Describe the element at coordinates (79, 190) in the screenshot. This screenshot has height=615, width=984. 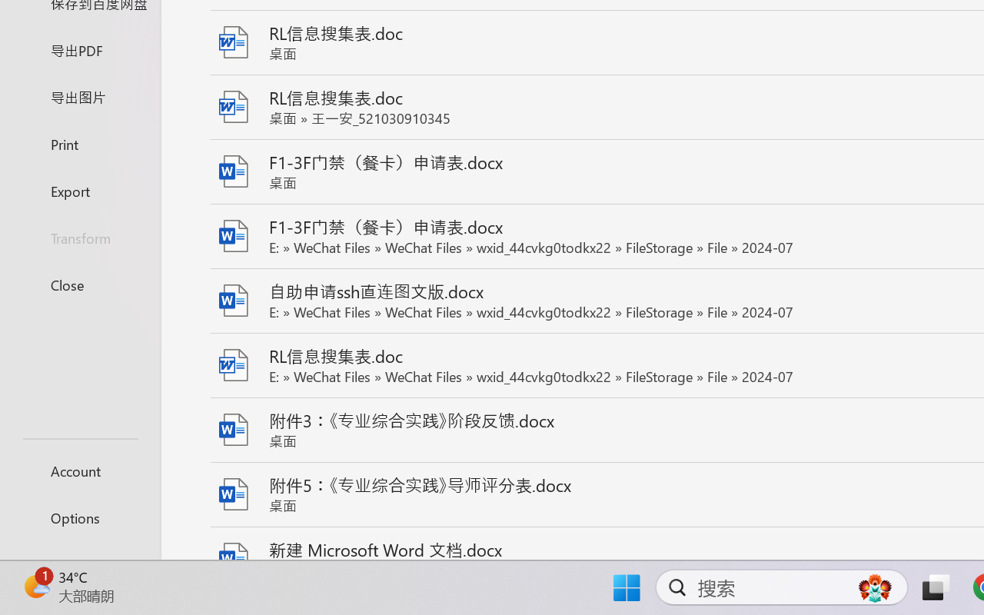
I see `'Export'` at that location.